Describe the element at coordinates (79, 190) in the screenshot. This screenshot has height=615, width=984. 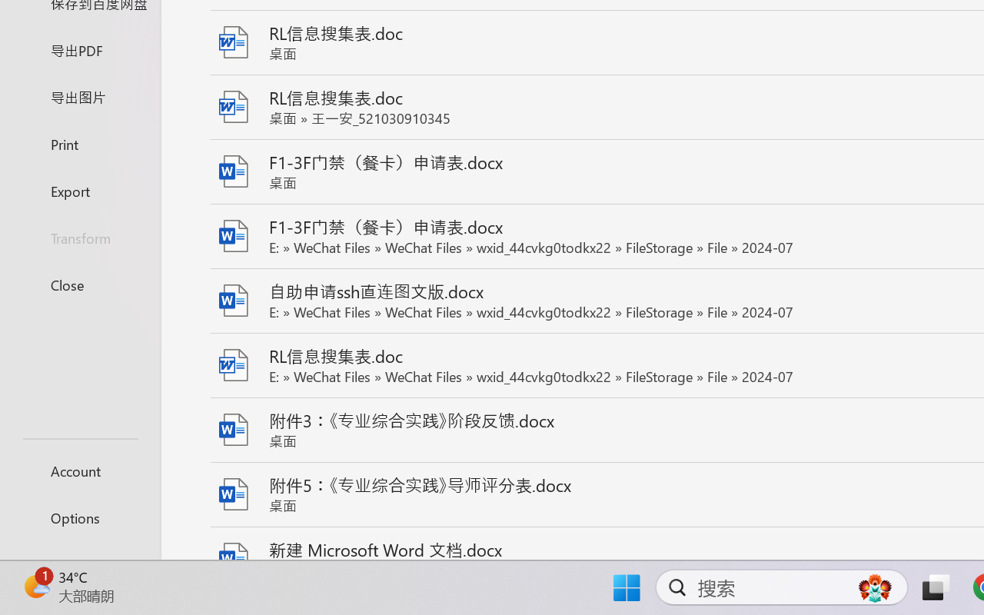
I see `'Export'` at that location.